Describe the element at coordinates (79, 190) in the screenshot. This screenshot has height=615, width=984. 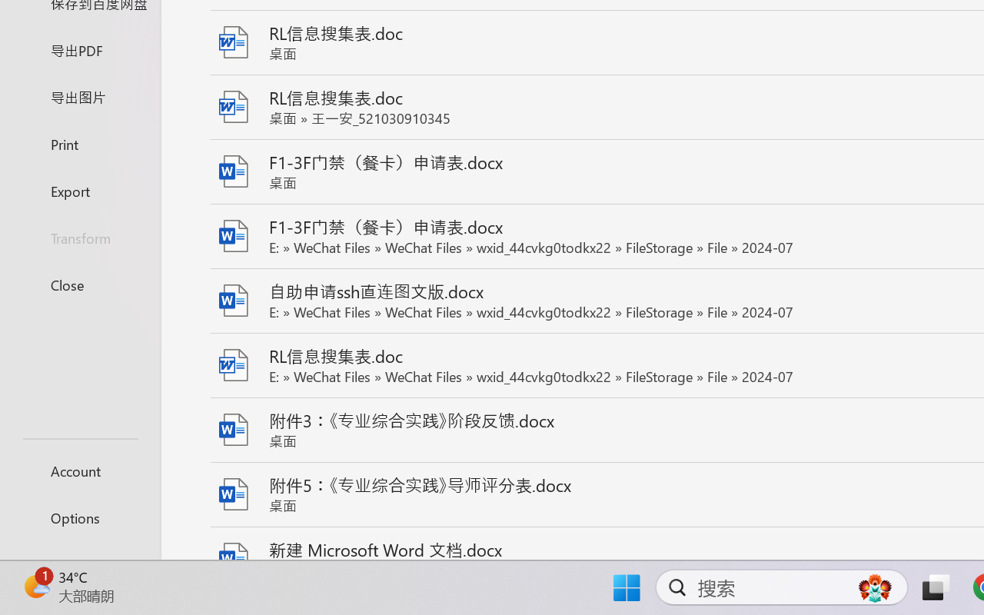
I see `'Export'` at that location.